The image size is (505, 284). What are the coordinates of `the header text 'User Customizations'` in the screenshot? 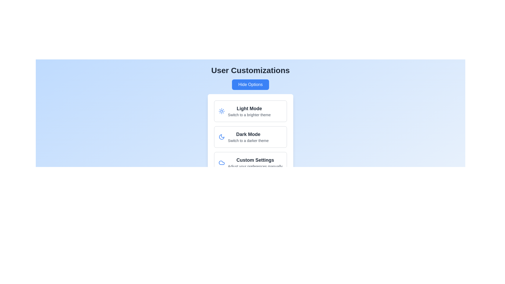 It's located at (250, 70).